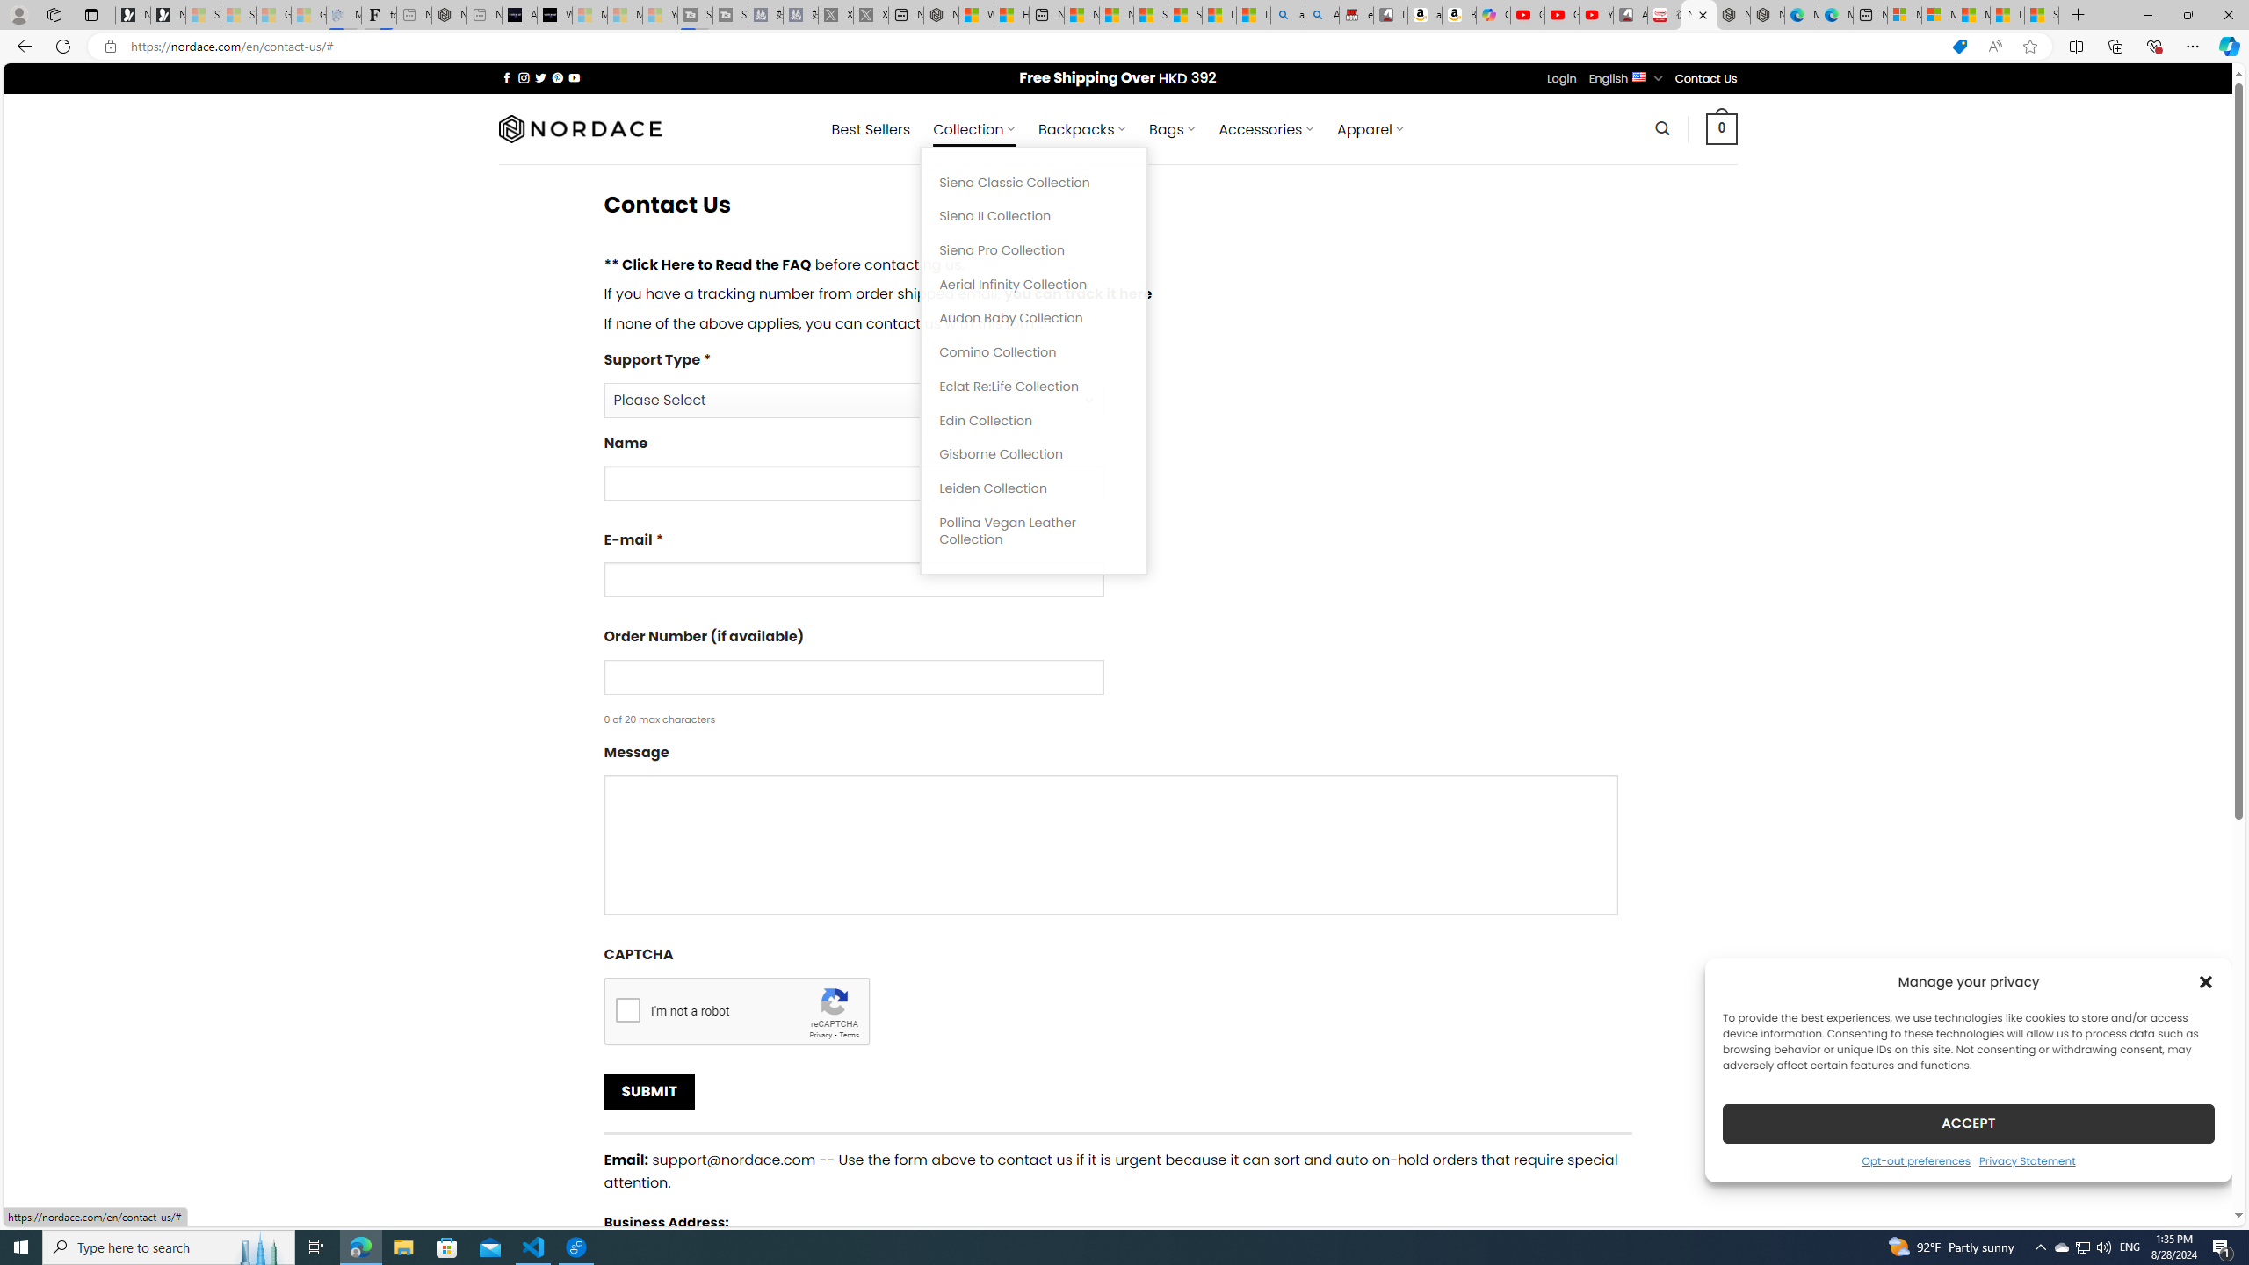 Image resolution: width=2249 pixels, height=1265 pixels. Describe the element at coordinates (1034, 385) in the screenshot. I see `'Eclat Re:Life Collection'` at that location.